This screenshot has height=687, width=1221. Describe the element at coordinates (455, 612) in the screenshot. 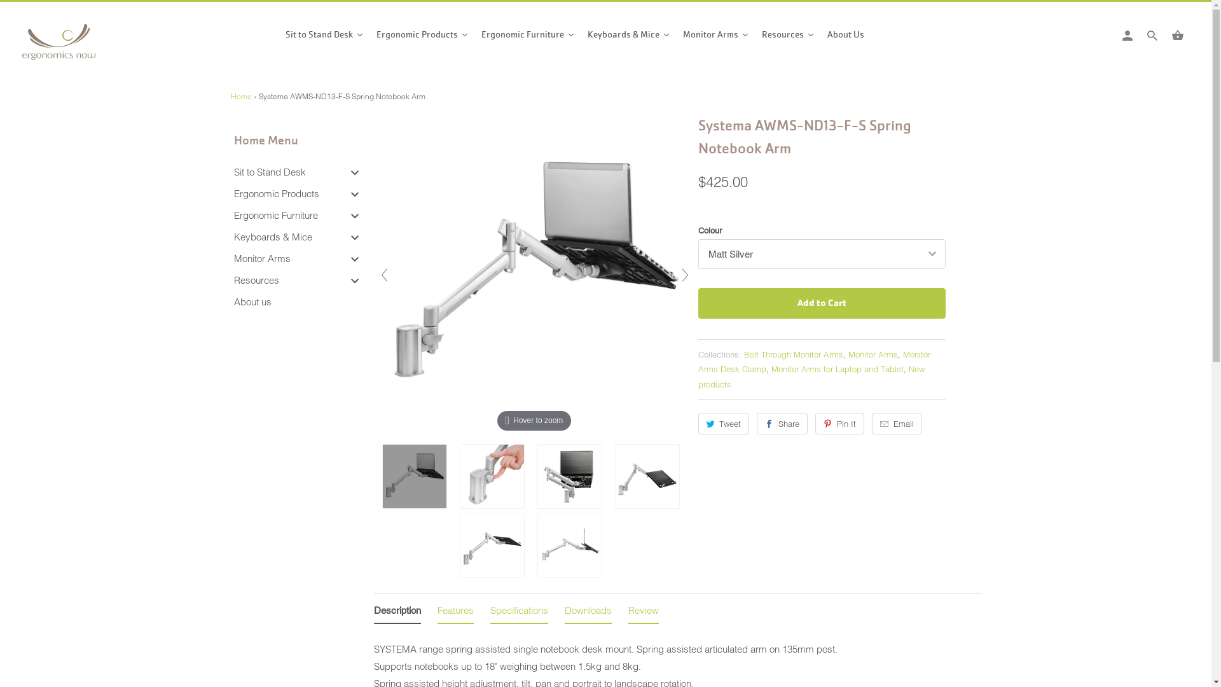

I see `'Features'` at that location.